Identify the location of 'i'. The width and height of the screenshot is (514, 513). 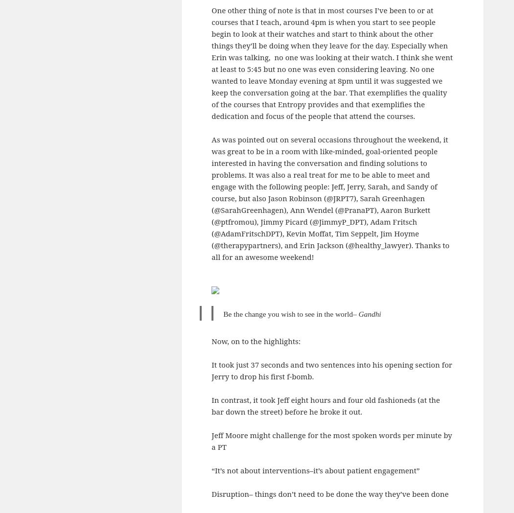
(379, 313).